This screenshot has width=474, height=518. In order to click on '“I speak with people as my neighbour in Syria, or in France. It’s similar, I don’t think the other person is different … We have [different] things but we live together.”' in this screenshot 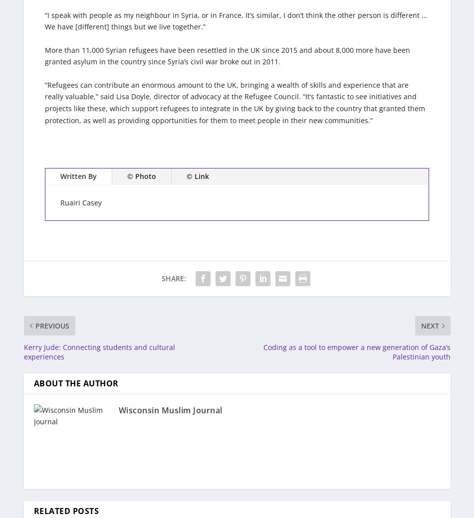, I will do `click(236, 20)`.